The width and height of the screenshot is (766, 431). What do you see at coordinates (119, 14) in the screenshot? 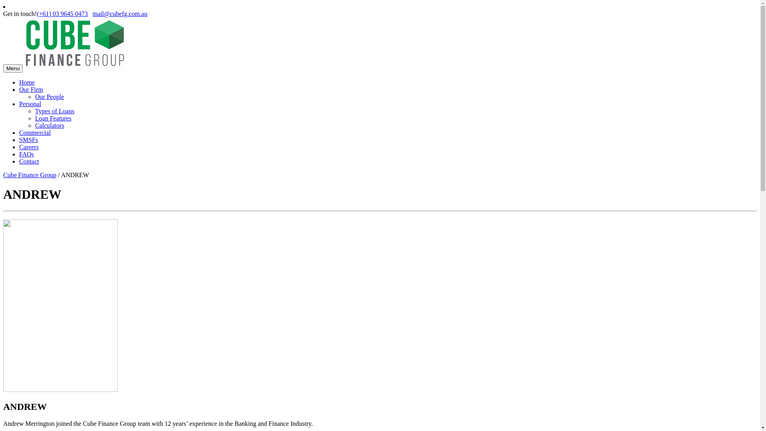
I see `'mail@cubefg.com.au'` at bounding box center [119, 14].